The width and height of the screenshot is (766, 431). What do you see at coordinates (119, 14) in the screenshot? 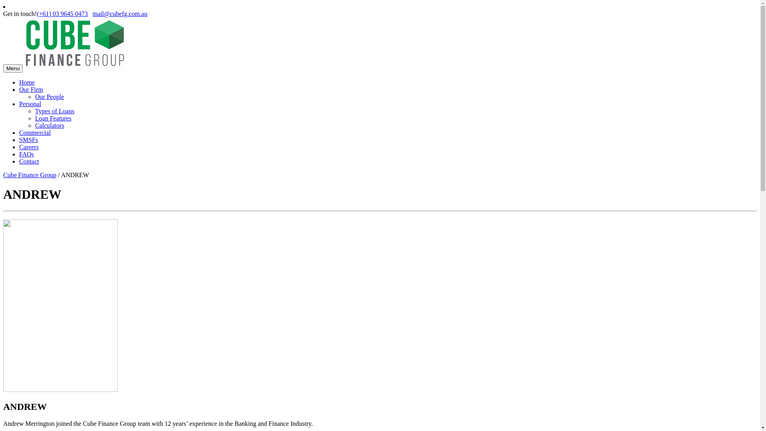
I see `'mail@cubefg.com.au'` at bounding box center [119, 14].